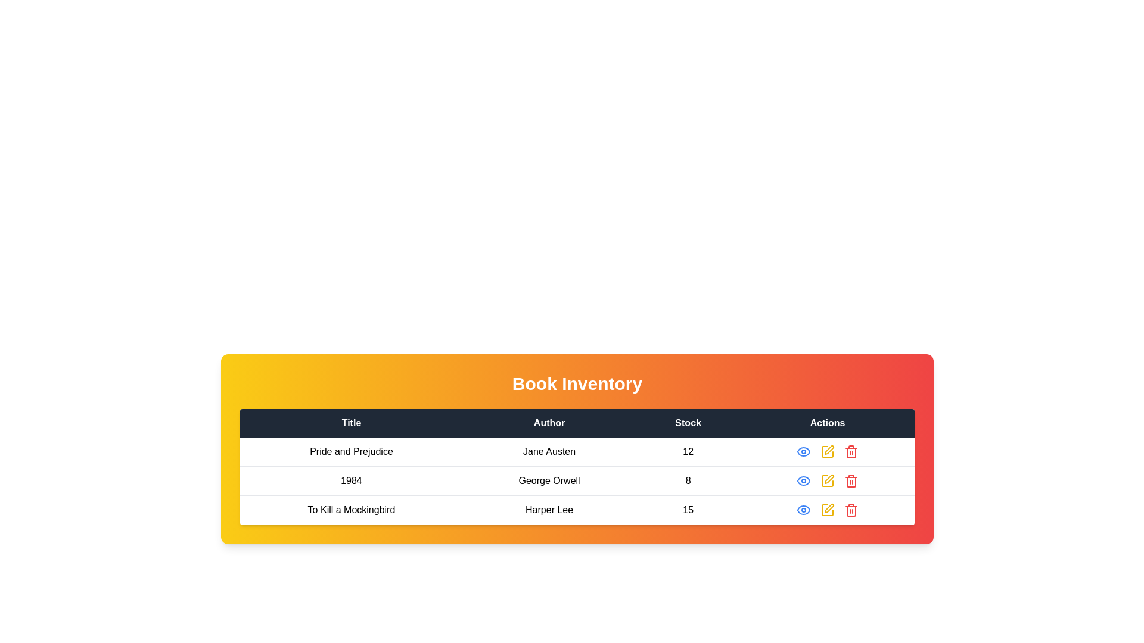  I want to click on the 'edit' icon located in the last row of the table under the 'Actions' column, which allows users to modify or update details, so click(829, 479).